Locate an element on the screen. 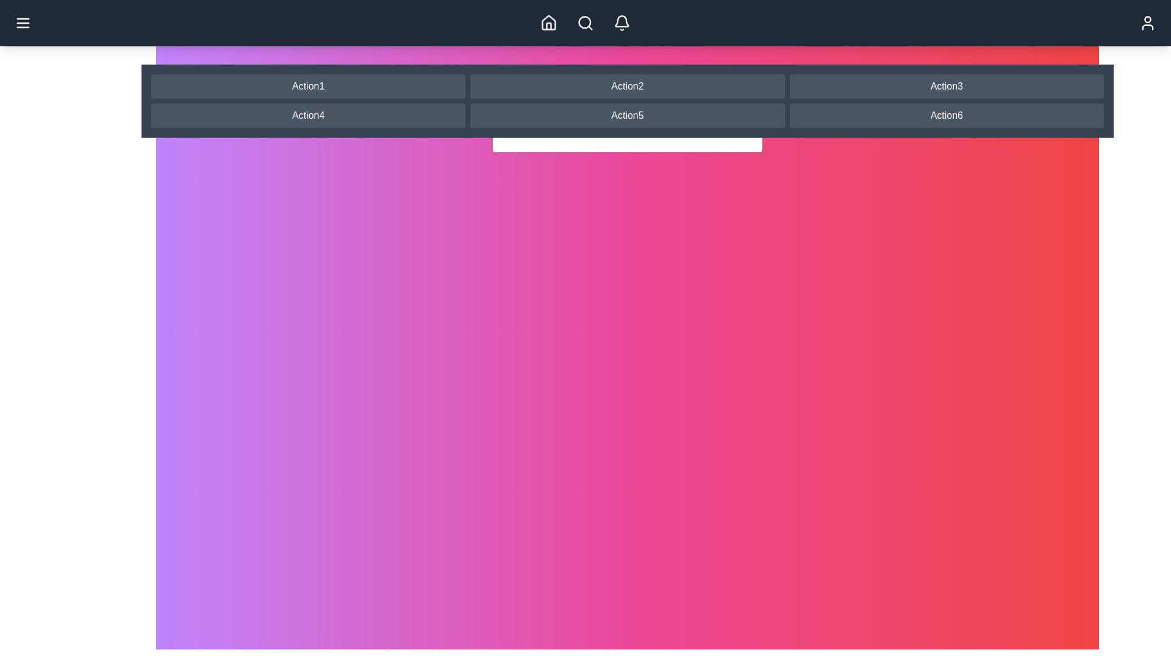 This screenshot has height=658, width=1171. the navigation button labeled Action3 is located at coordinates (945, 86).